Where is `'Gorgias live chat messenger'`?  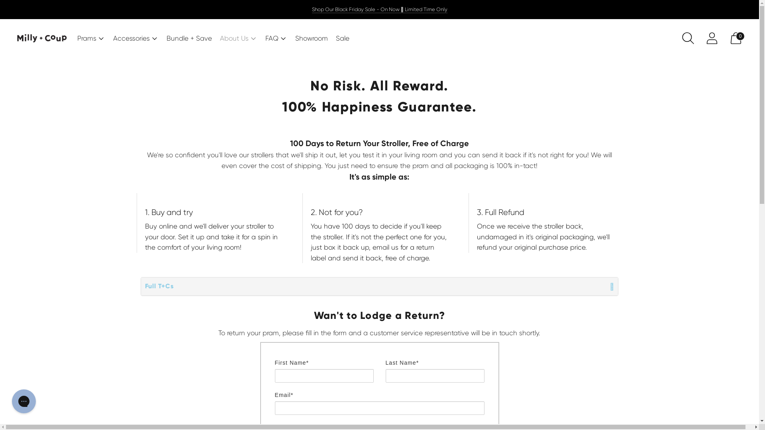 'Gorgias live chat messenger' is located at coordinates (24, 401).